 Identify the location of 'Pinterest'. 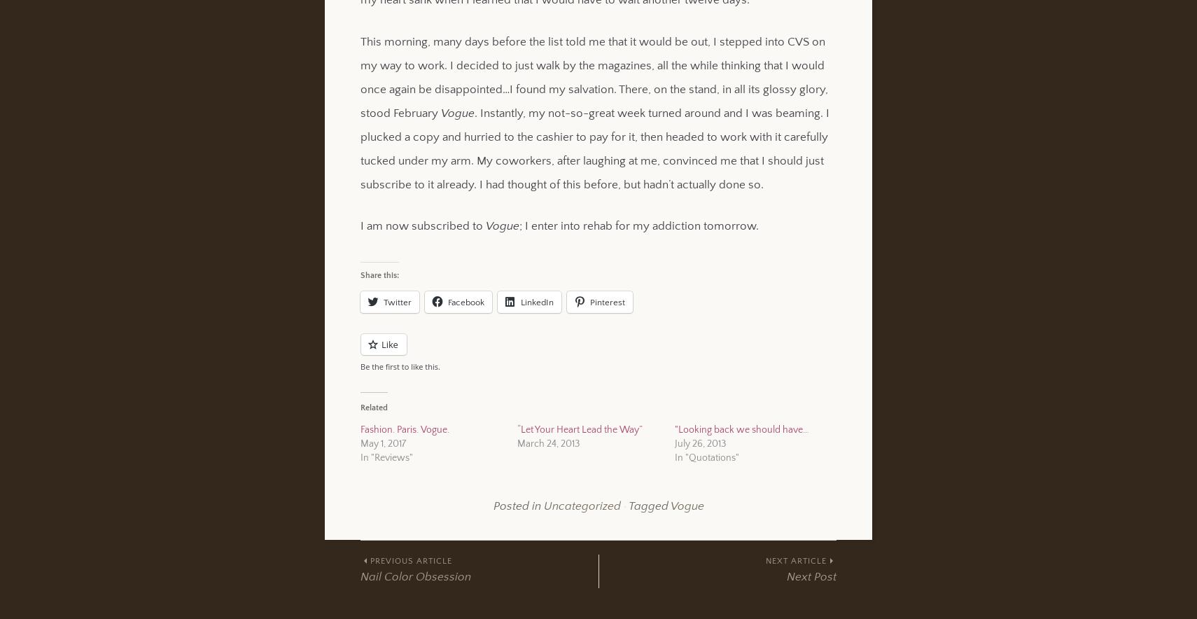
(606, 301).